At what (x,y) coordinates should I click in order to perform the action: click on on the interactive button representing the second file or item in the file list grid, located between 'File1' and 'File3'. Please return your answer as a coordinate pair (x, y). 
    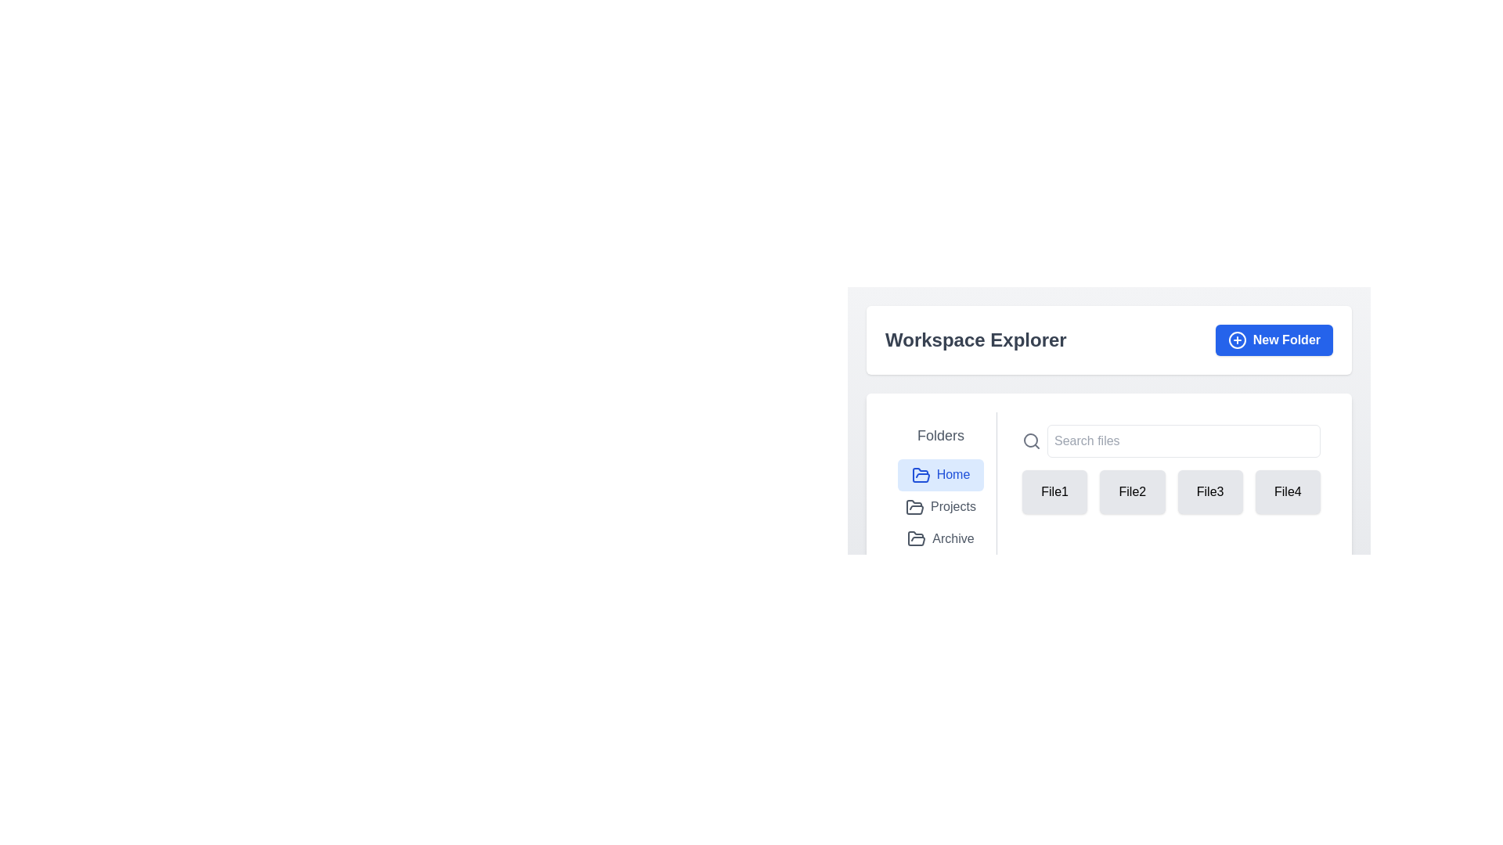
    Looking at the image, I should click on (1108, 488).